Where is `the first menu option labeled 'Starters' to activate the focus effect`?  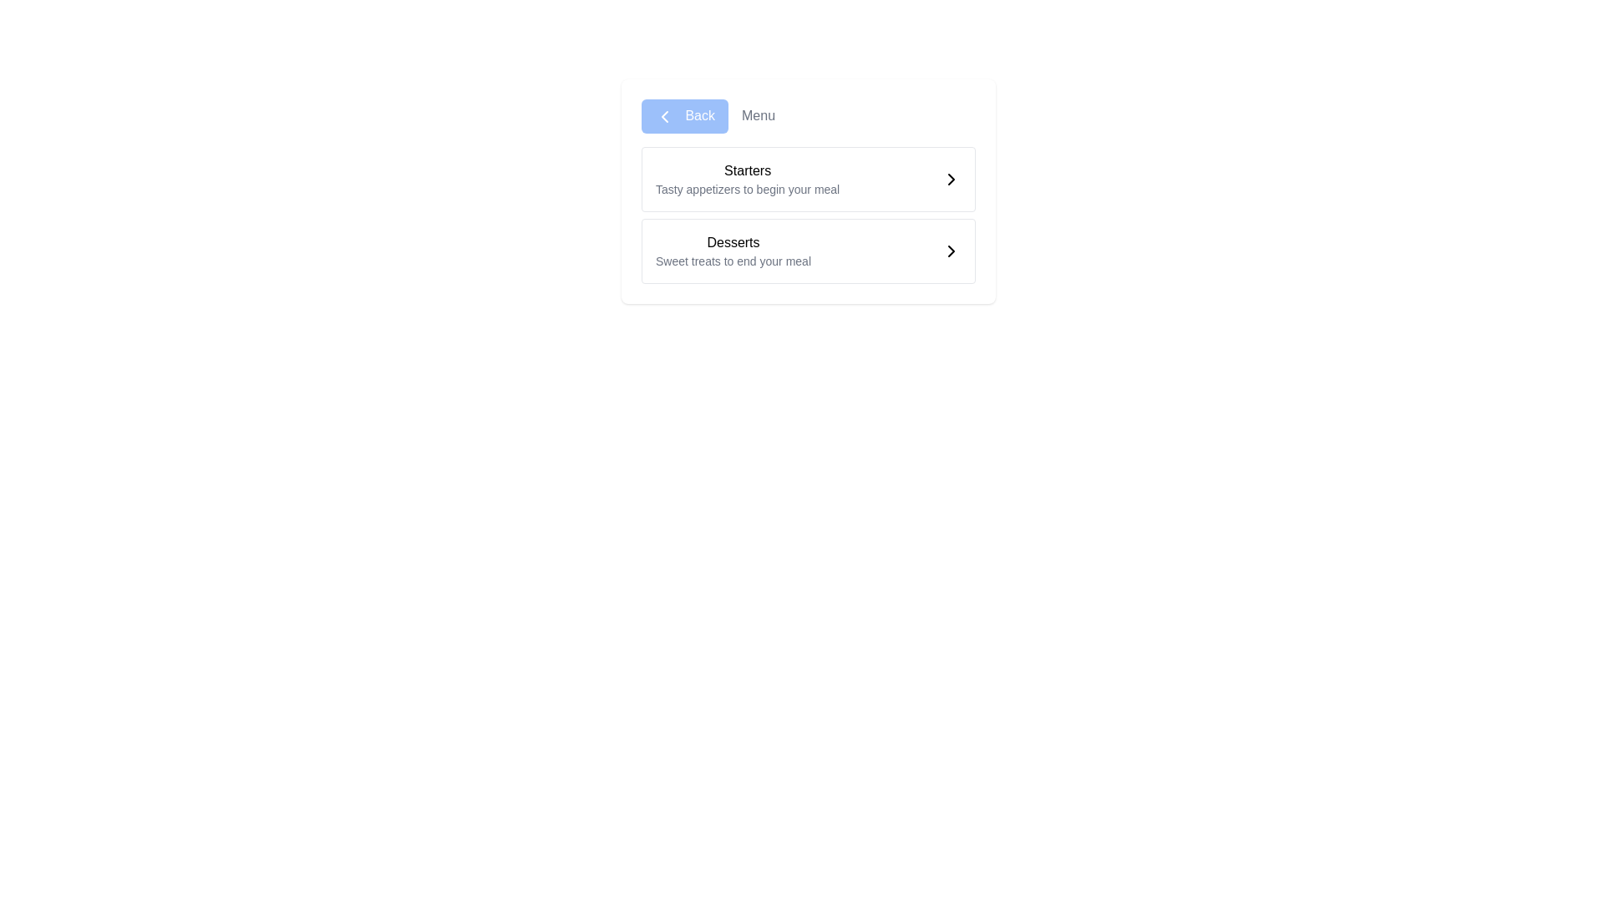 the first menu option labeled 'Starters' to activate the focus effect is located at coordinates (747, 179).